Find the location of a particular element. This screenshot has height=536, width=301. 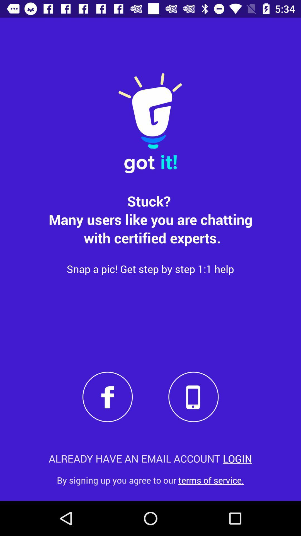

access phone camera is located at coordinates (193, 396).